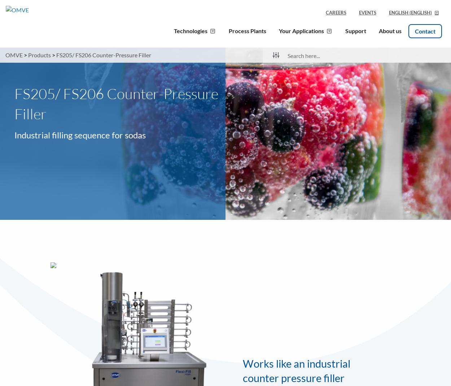  I want to click on 'Industrial filling sequence for sodas', so click(80, 134).